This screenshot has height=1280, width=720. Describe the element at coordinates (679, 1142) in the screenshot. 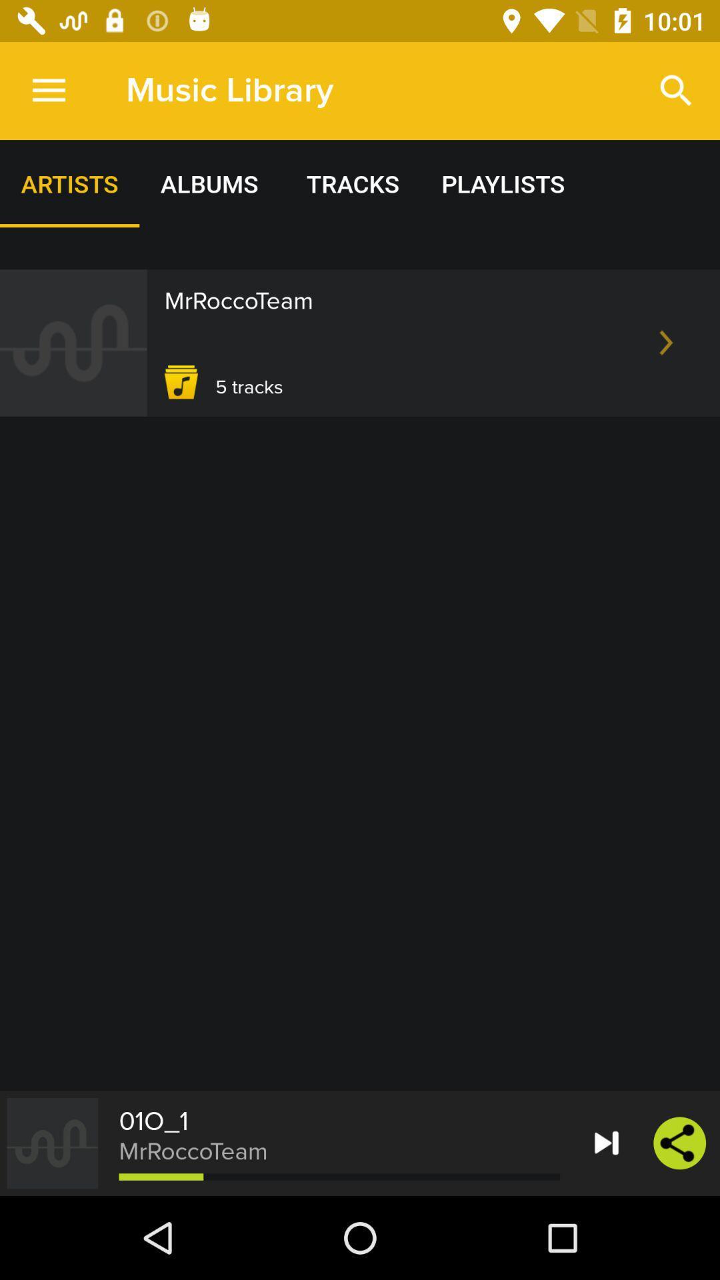

I see `the share icon` at that location.